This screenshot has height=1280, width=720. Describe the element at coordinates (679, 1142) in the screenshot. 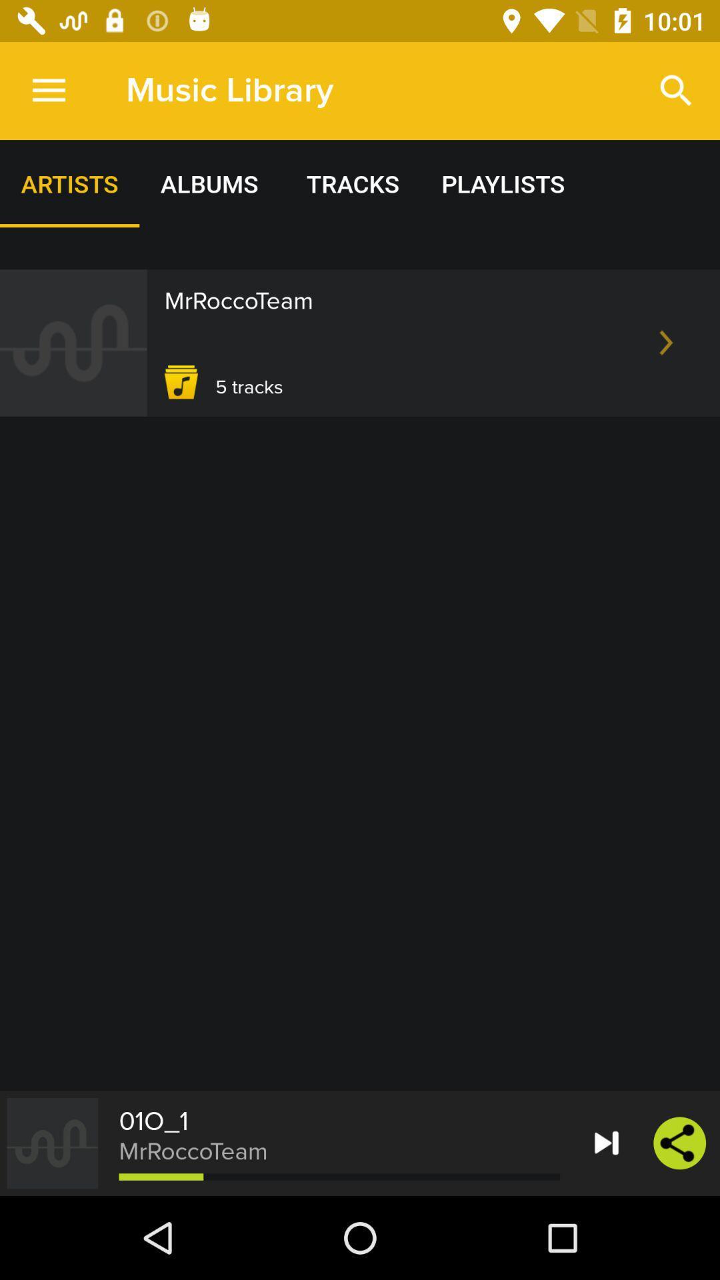

I see `the share icon` at that location.